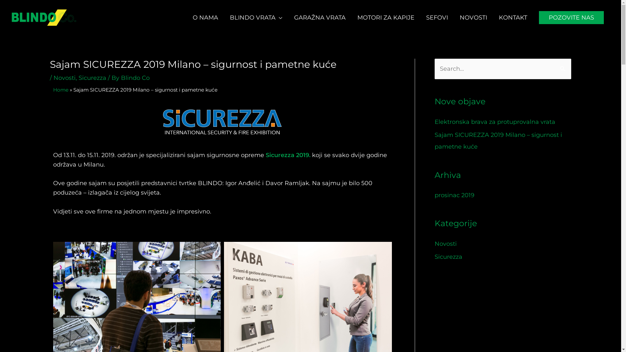 The height and width of the screenshot is (352, 626). Describe the element at coordinates (513, 17) in the screenshot. I see `'KONTAKT'` at that location.